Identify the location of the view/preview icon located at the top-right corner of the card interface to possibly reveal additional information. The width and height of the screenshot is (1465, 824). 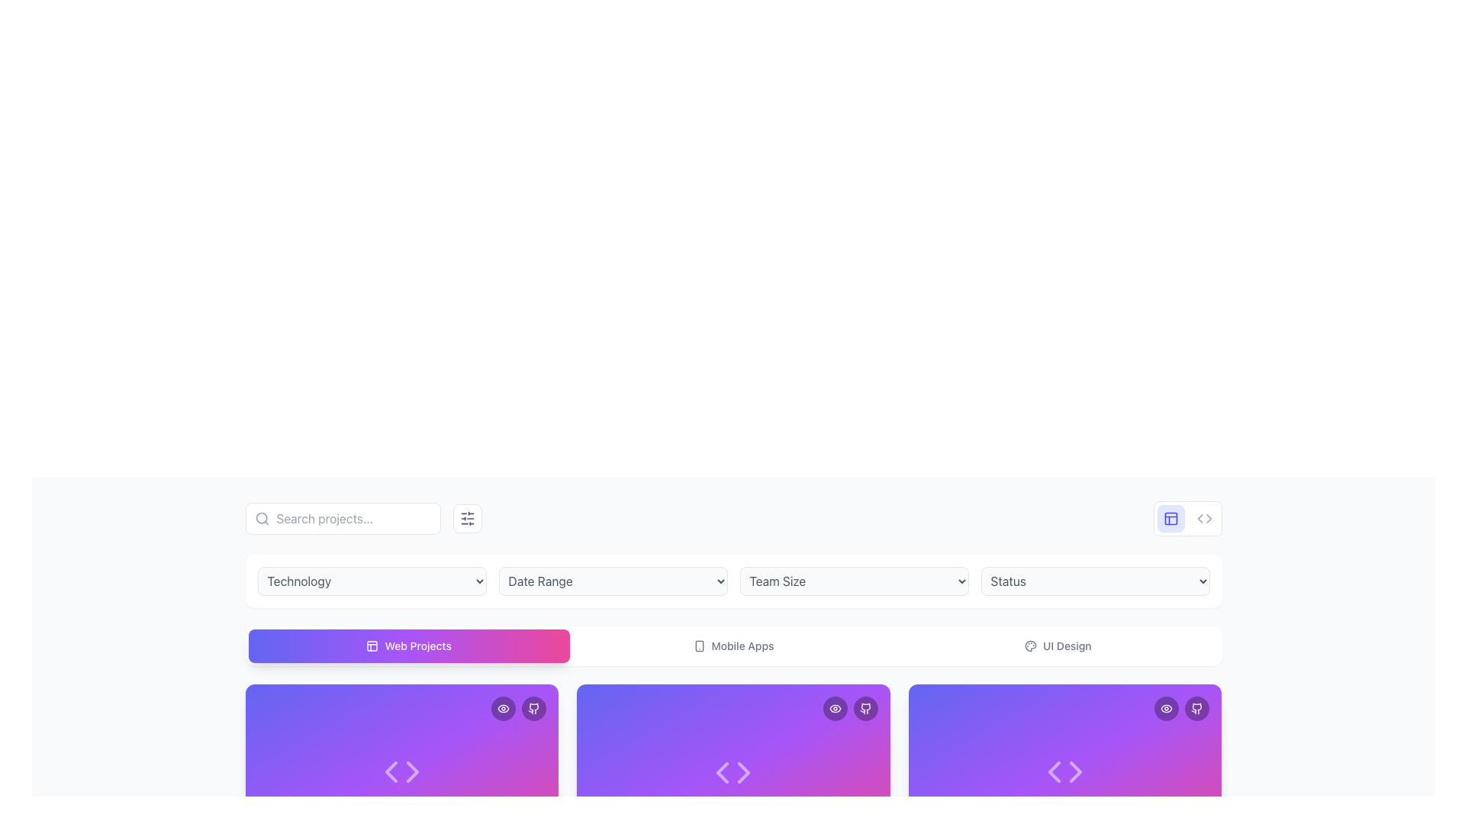
(834, 709).